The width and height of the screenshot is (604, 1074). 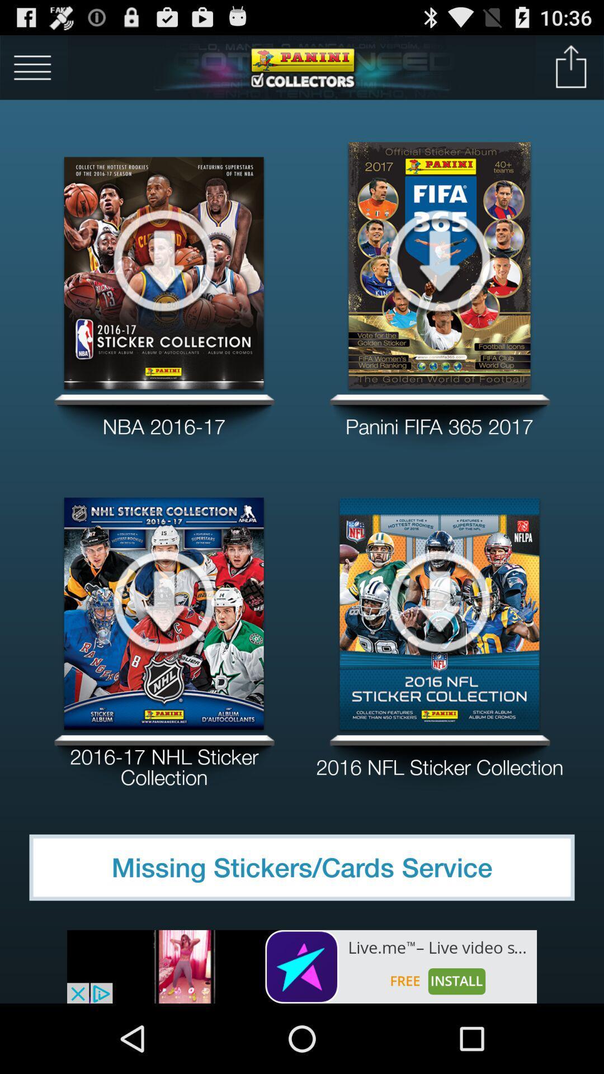 What do you see at coordinates (439, 277) in the screenshot?
I see `the file_download icon` at bounding box center [439, 277].